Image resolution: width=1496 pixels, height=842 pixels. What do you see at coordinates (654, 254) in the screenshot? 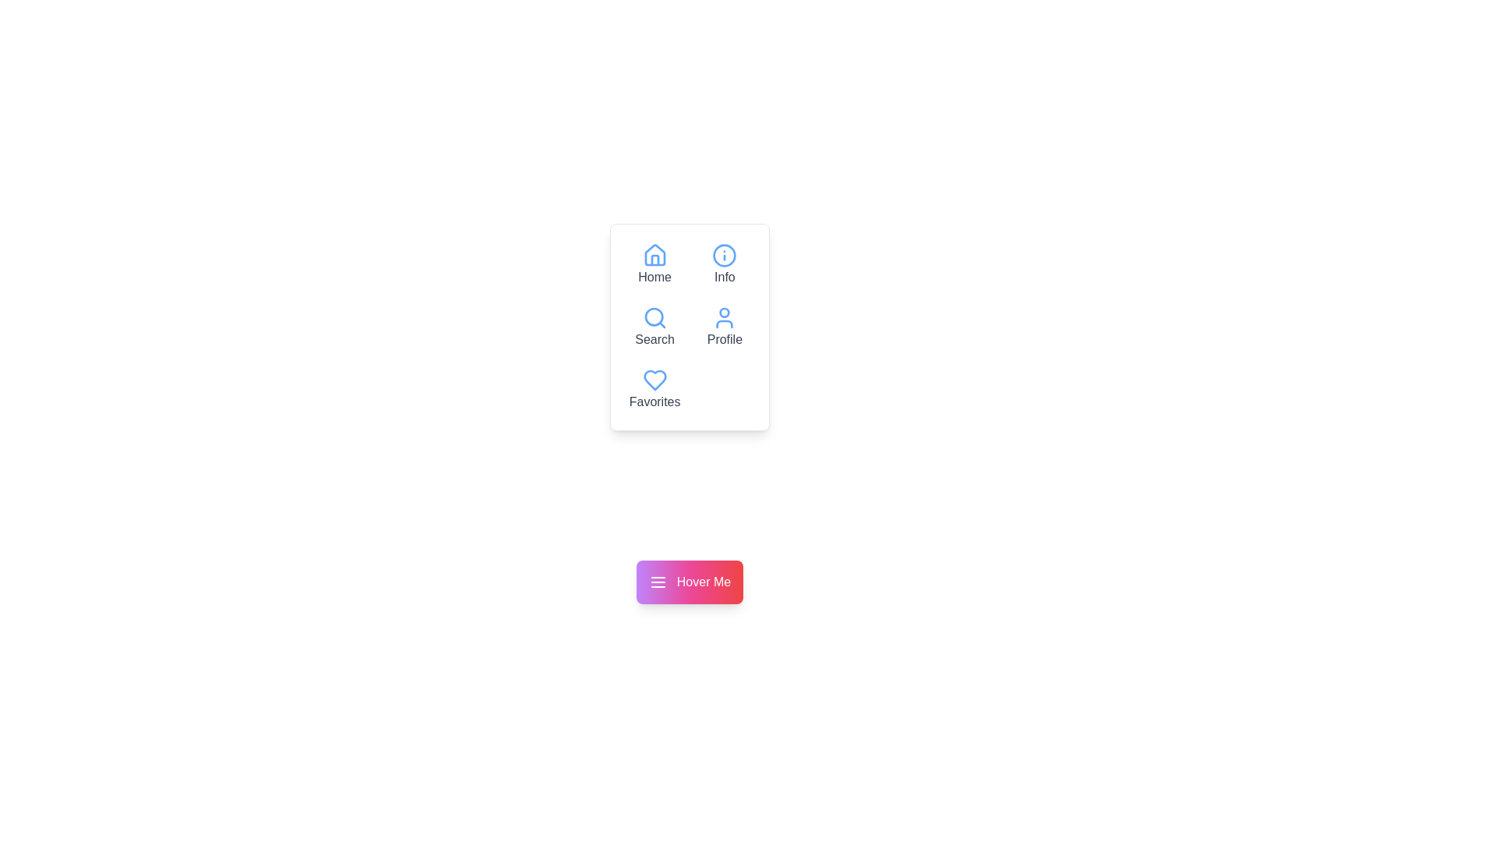
I see `the 'Home' icon located in the top-left corner of the card among other action icons` at bounding box center [654, 254].